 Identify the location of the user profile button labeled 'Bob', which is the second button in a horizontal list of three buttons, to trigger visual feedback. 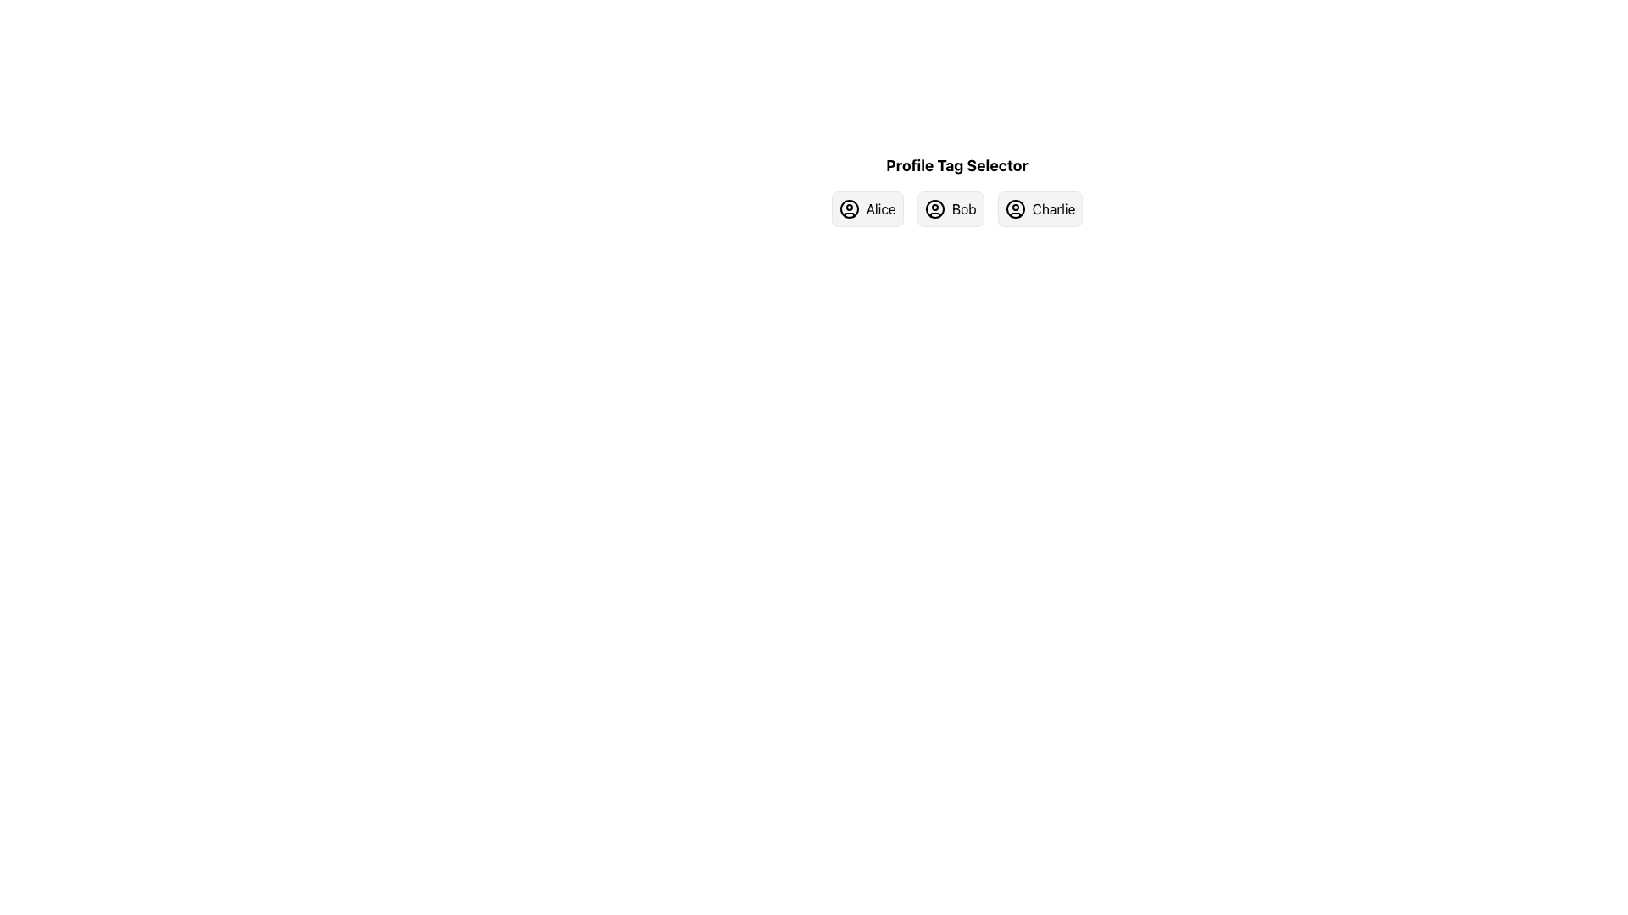
(951, 208).